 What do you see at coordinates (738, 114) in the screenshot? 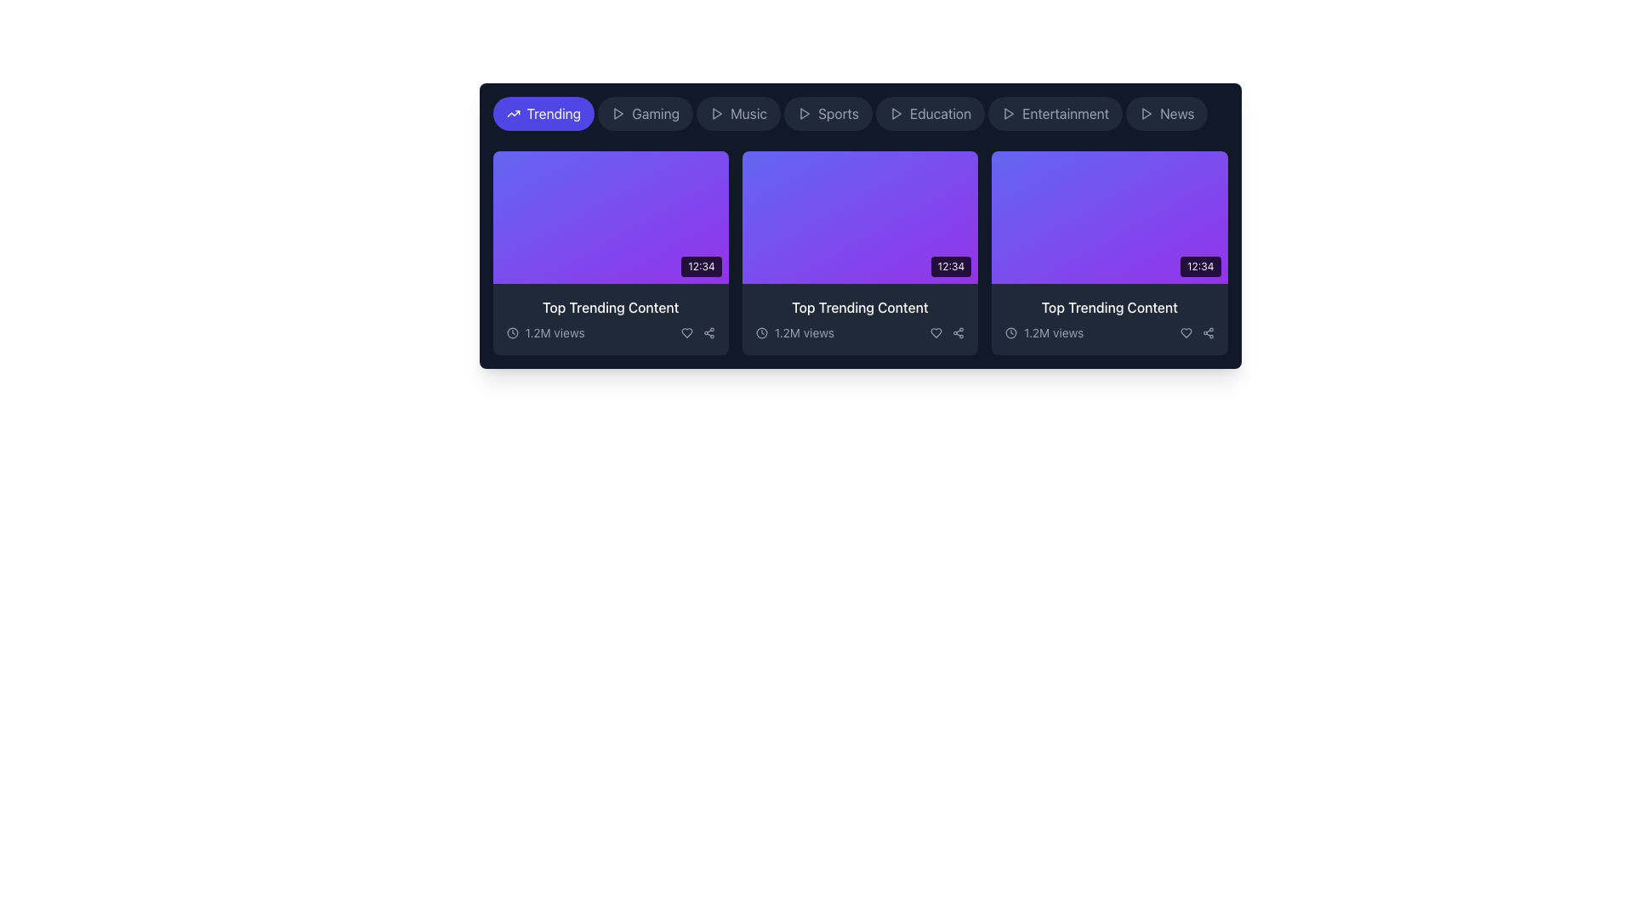
I see `the 'Music' button, which is the third button in a group of navigation buttons` at bounding box center [738, 114].